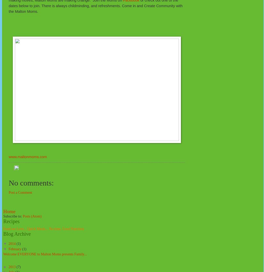 The height and width of the screenshot is (272, 264). I want to click on '2013', so click(8, 266).